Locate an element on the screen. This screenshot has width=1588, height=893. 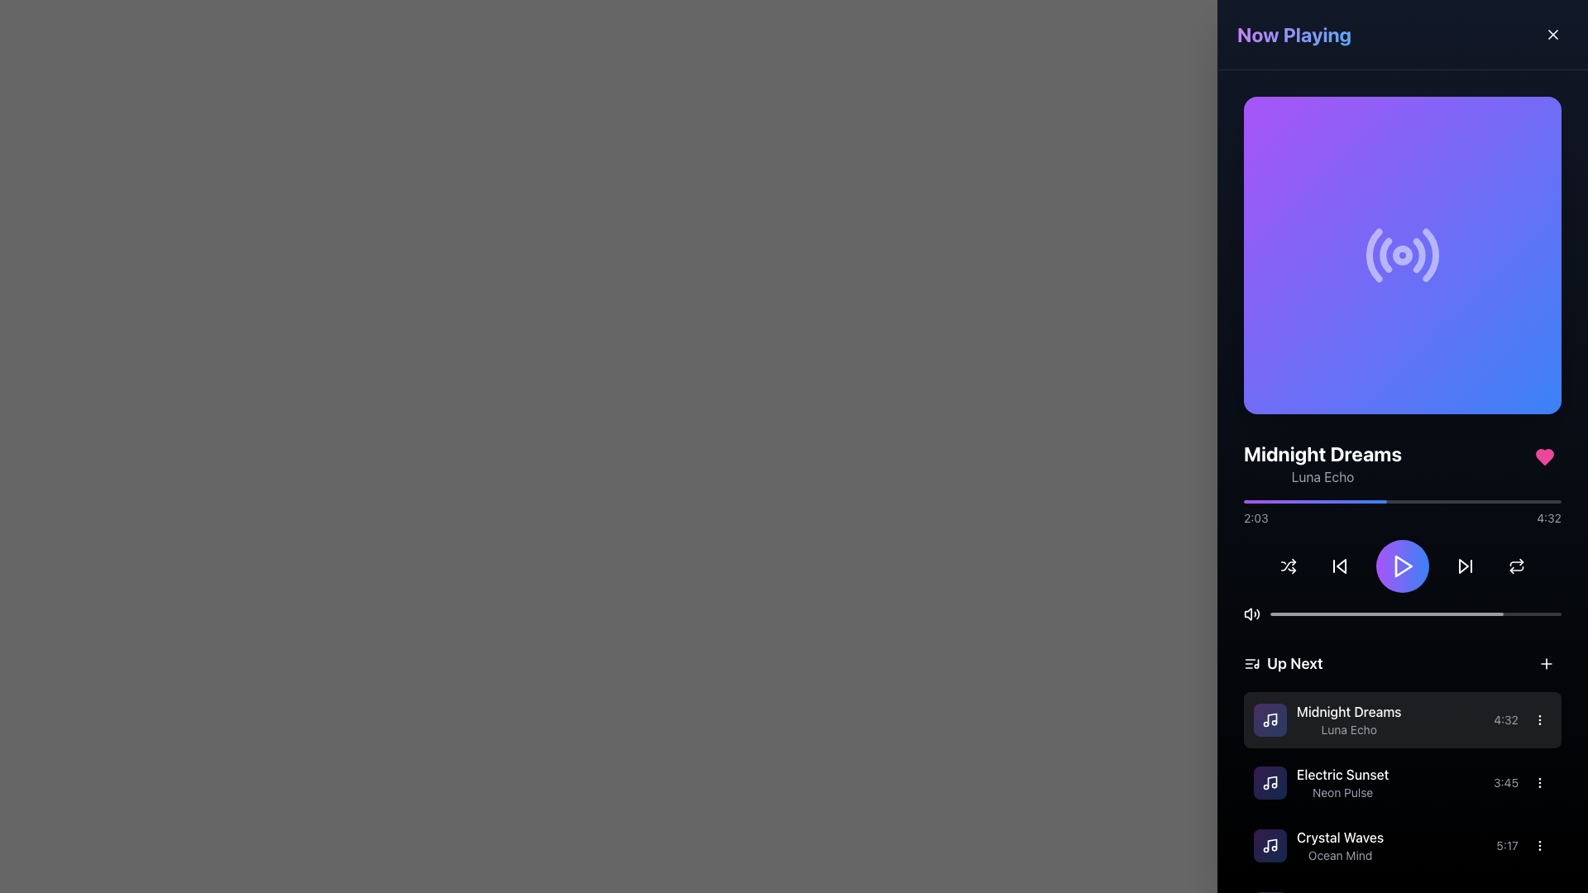
the small triangular icon that resembles a volume indicator, located at the left-most position among its siblings in the bottom section of the control panel is located at coordinates (1248, 614).